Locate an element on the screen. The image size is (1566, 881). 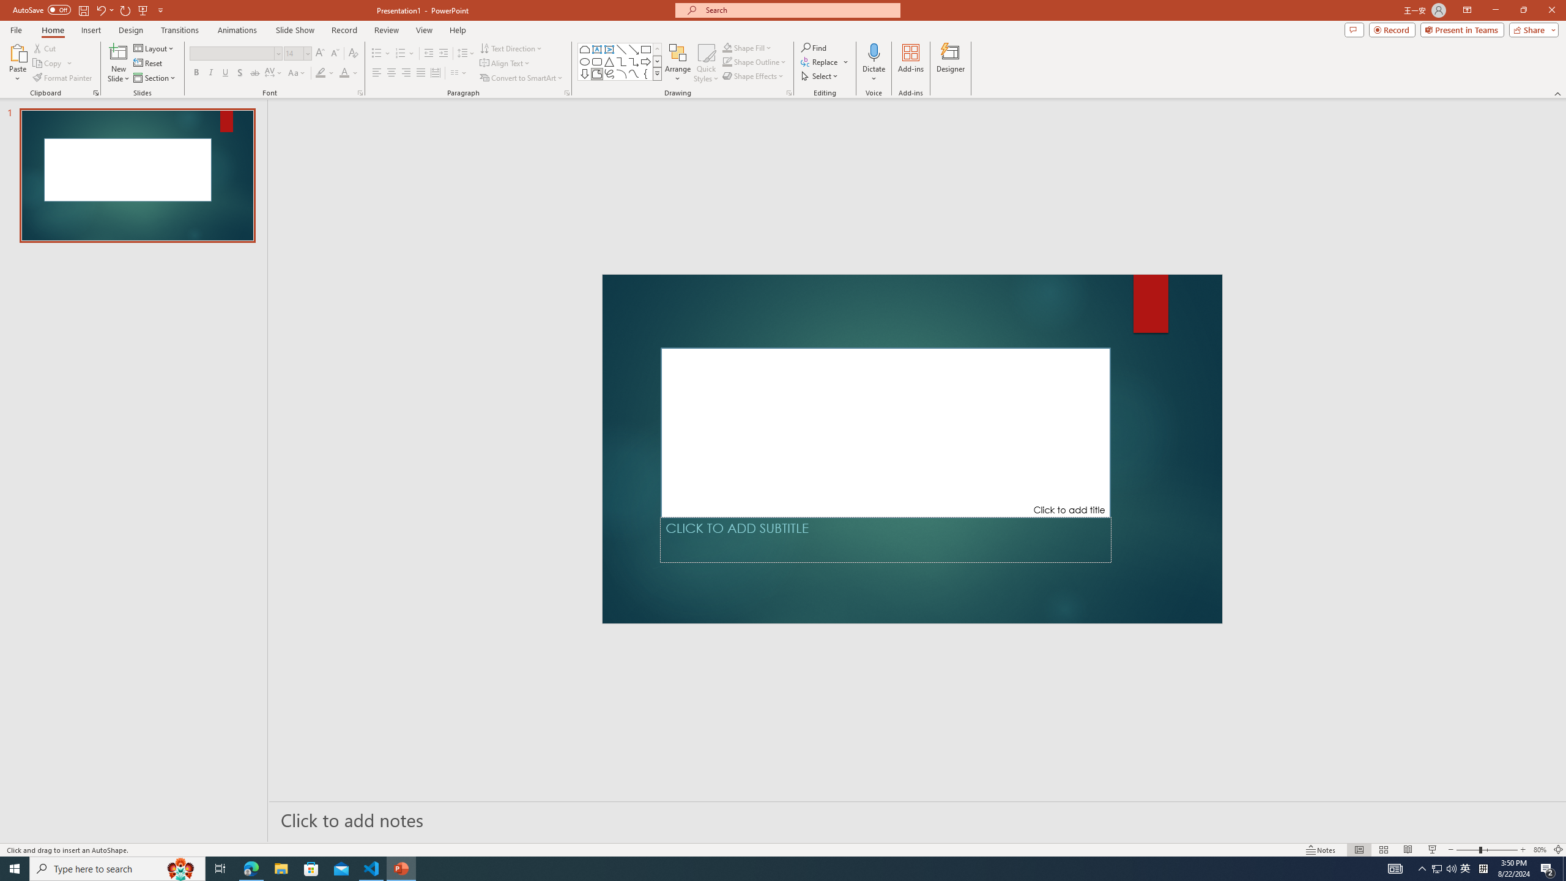
'Increase Indent' is located at coordinates (443, 53).